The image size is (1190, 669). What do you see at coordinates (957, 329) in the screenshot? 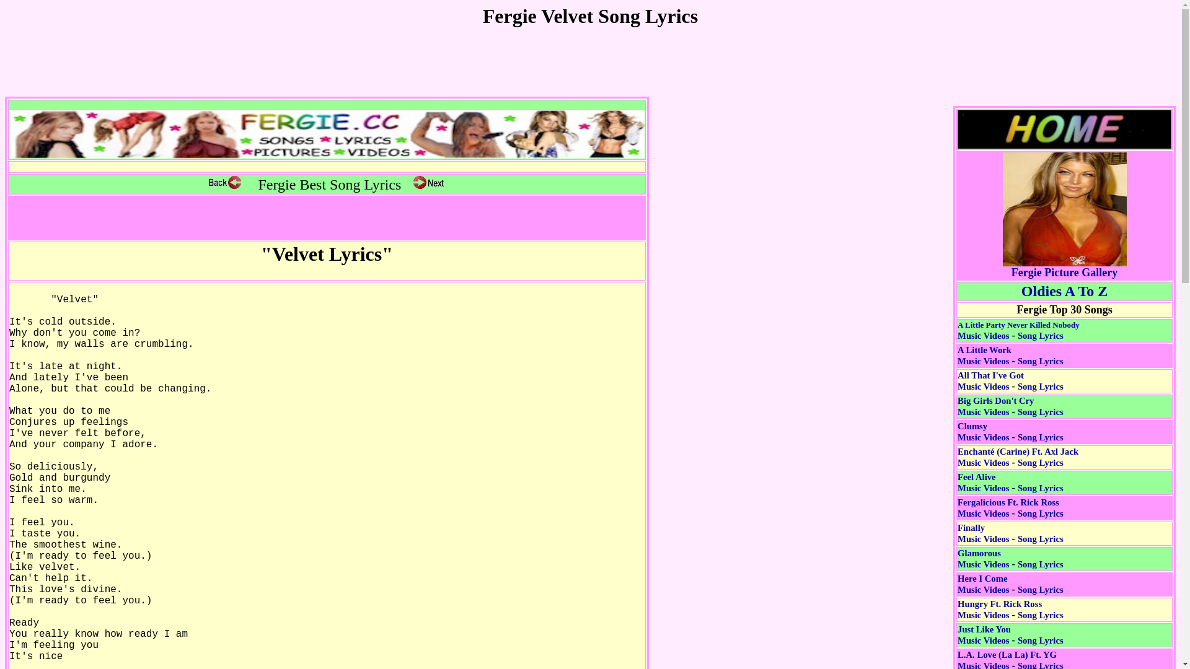
I see `'A Little Party Never Killed Nobody` at bounding box center [957, 329].